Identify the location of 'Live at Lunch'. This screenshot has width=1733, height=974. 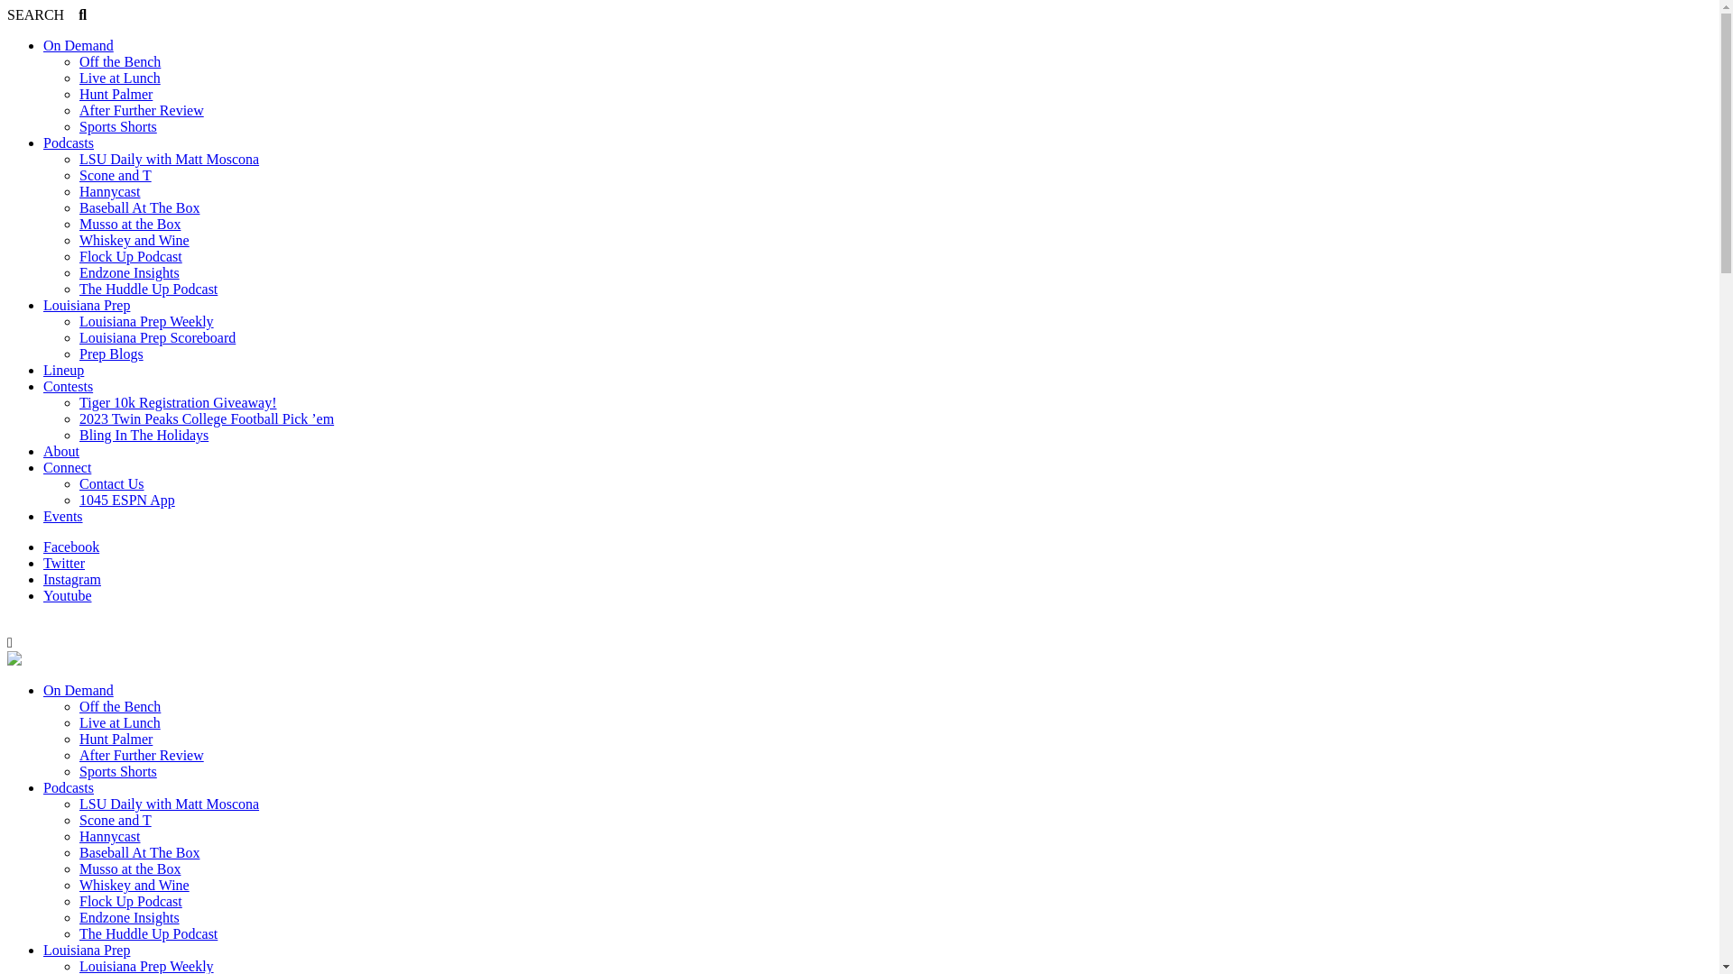
(119, 77).